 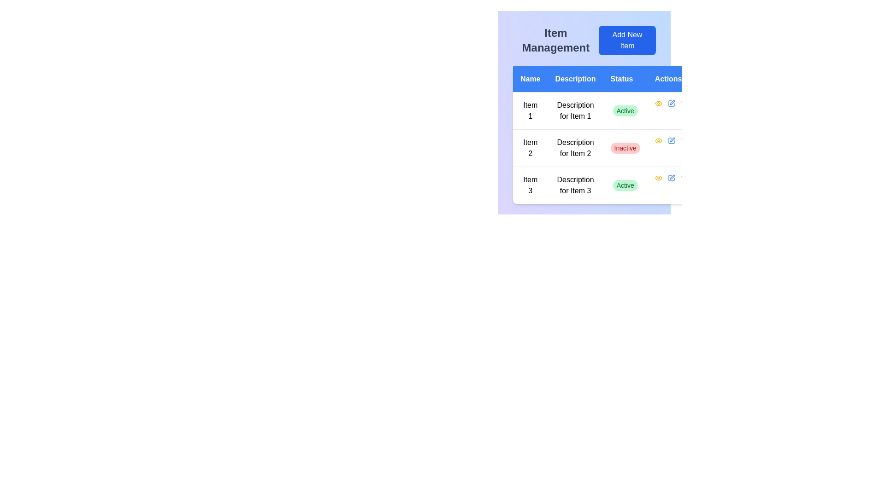 What do you see at coordinates (625, 185) in the screenshot?
I see `the status label indicating that Item 3 is currently active, located in the 'Status' column of the table` at bounding box center [625, 185].